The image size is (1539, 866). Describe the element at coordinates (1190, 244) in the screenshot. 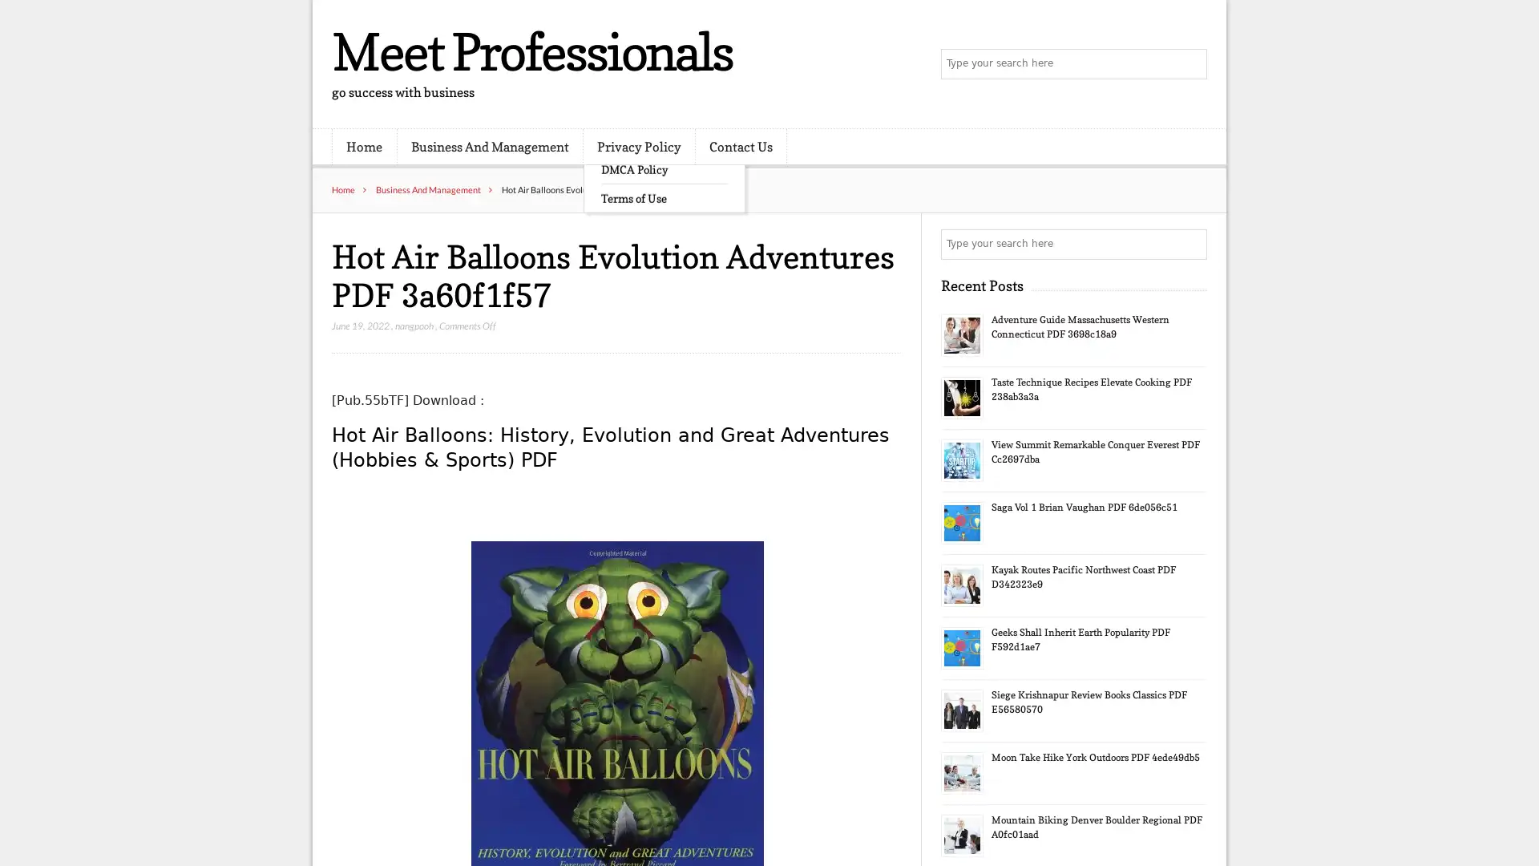

I see `Search` at that location.